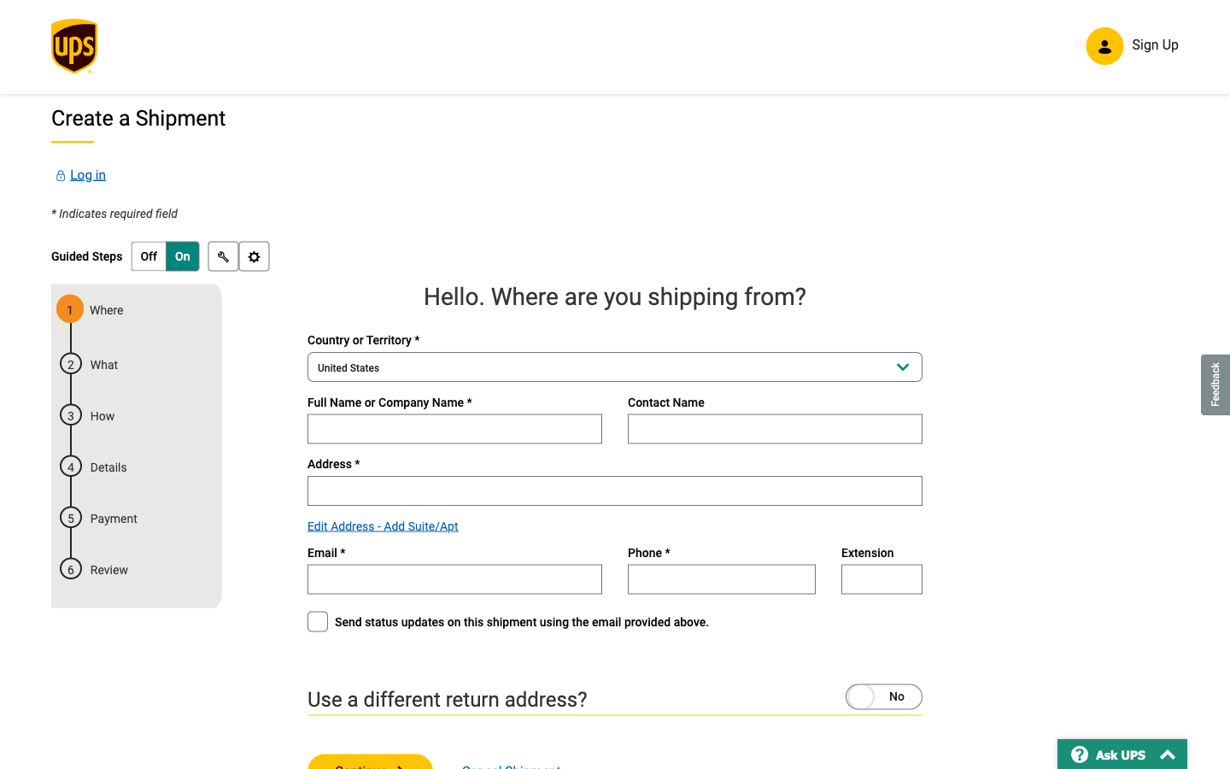 This screenshot has height=769, width=1230. I want to click on Confirm the shipping configurations, so click(252, 257).